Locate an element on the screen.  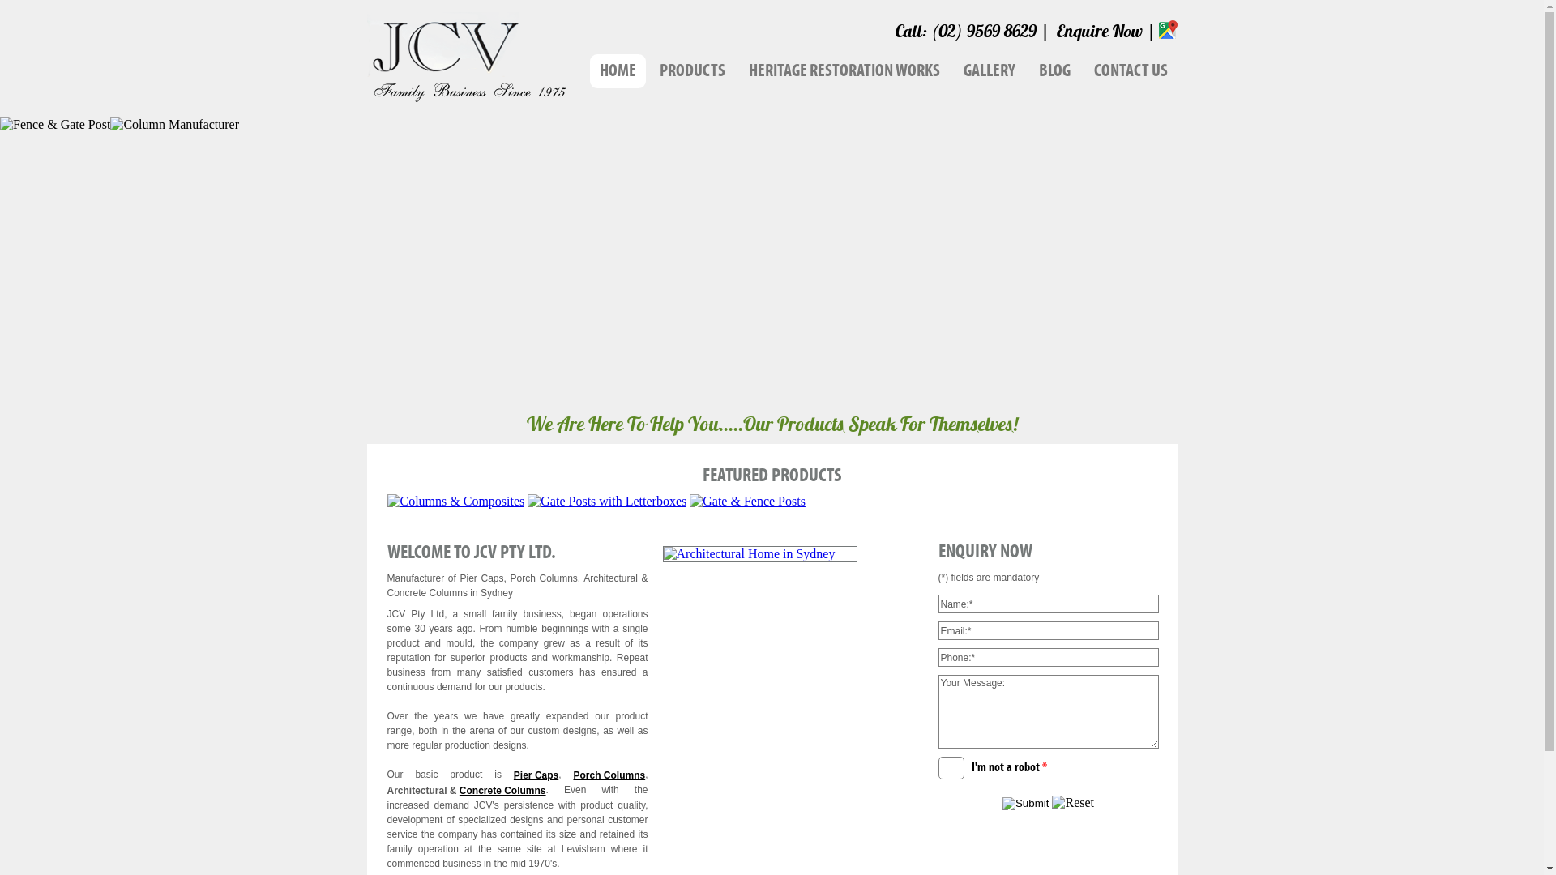
'JCV Pty Ltd' is located at coordinates (465, 97).